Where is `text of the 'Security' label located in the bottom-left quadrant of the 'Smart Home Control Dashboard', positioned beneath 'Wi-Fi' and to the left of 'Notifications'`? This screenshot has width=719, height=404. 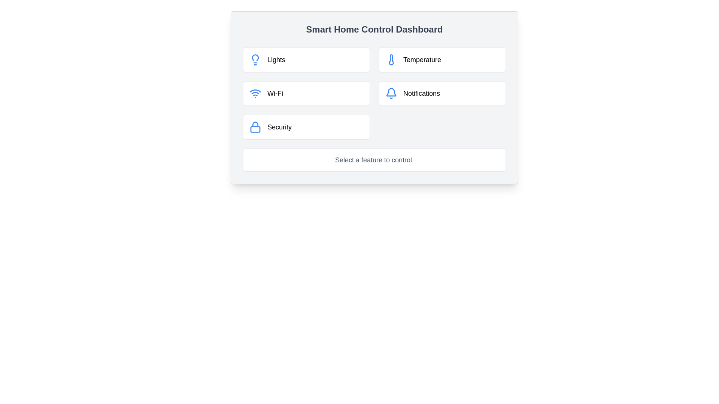 text of the 'Security' label located in the bottom-left quadrant of the 'Smart Home Control Dashboard', positioned beneath 'Wi-Fi' and to the left of 'Notifications' is located at coordinates (279, 126).